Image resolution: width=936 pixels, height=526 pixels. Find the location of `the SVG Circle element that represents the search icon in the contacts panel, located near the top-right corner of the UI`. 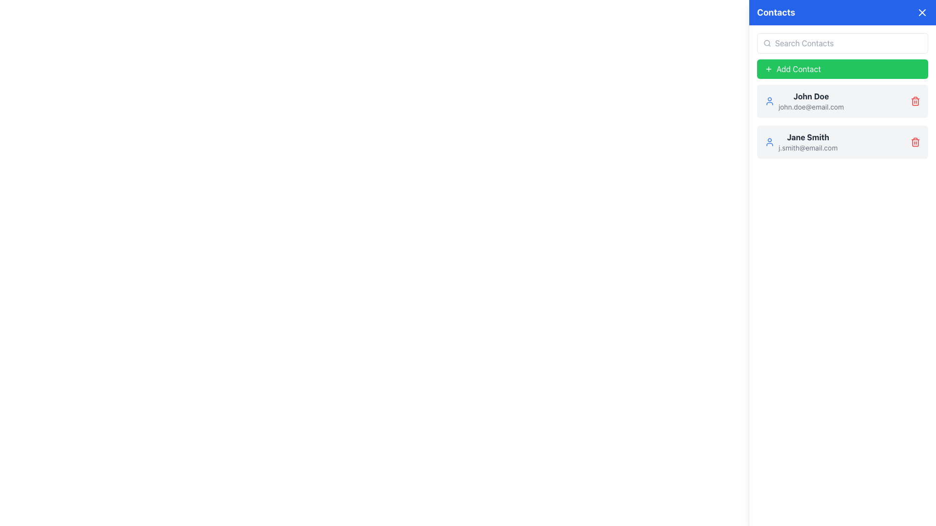

the SVG Circle element that represents the search icon in the contacts panel, located near the top-right corner of the UI is located at coordinates (766, 42).